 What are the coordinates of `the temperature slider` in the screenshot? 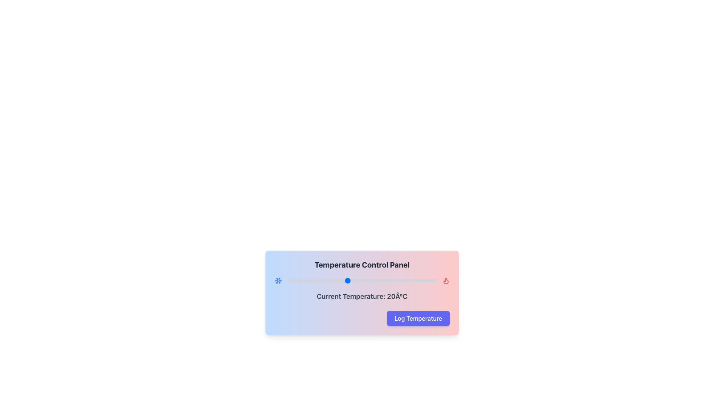 It's located at (400, 280).